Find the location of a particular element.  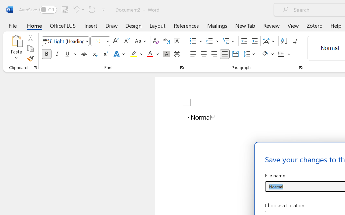

'Strikethrough' is located at coordinates (84, 54).